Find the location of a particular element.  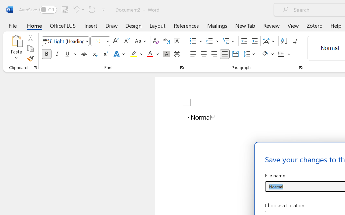

'Strikethrough' is located at coordinates (84, 54).